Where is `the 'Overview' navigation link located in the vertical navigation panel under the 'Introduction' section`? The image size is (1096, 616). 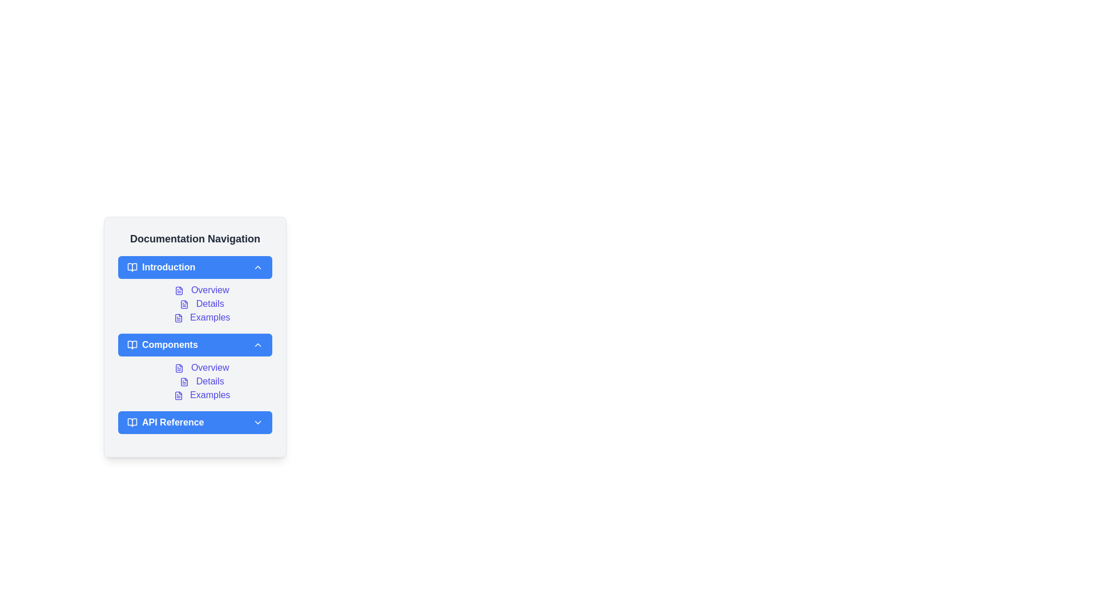 the 'Overview' navigation link located in the vertical navigation panel under the 'Introduction' section is located at coordinates (202, 290).